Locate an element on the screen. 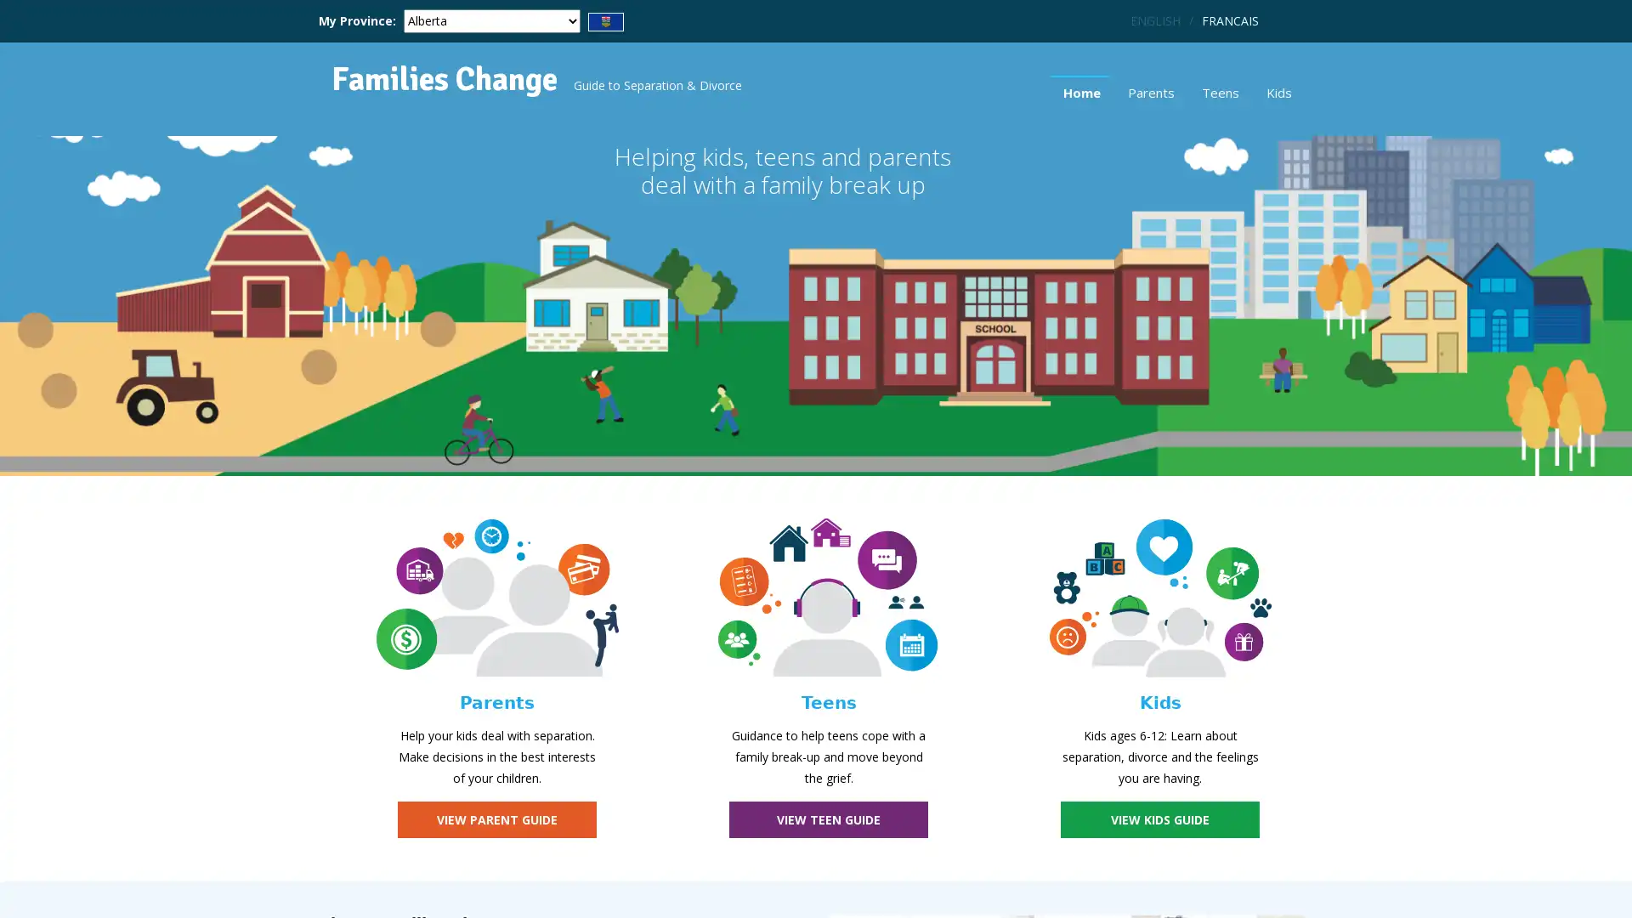 The height and width of the screenshot is (918, 1632). VIEW TEEN GUIDE is located at coordinates (828, 819).